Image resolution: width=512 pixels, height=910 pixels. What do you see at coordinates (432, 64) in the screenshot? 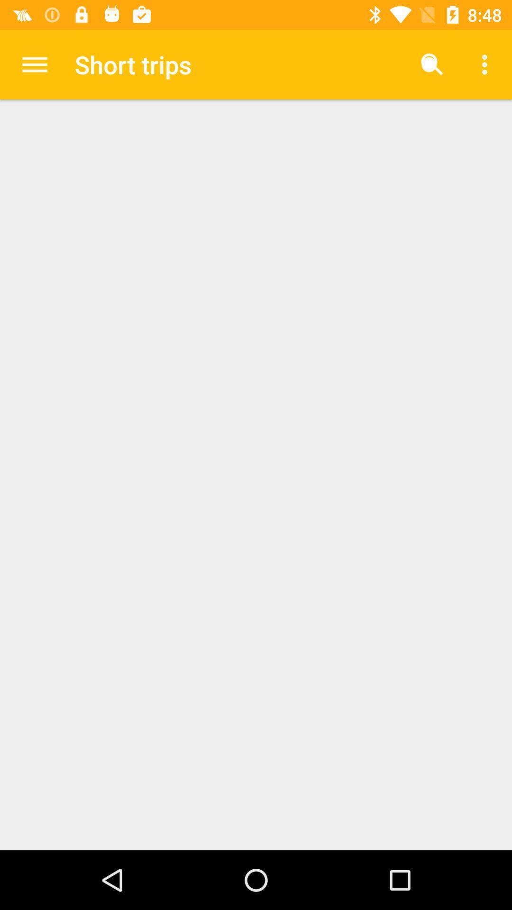
I see `the item next to short trips icon` at bounding box center [432, 64].